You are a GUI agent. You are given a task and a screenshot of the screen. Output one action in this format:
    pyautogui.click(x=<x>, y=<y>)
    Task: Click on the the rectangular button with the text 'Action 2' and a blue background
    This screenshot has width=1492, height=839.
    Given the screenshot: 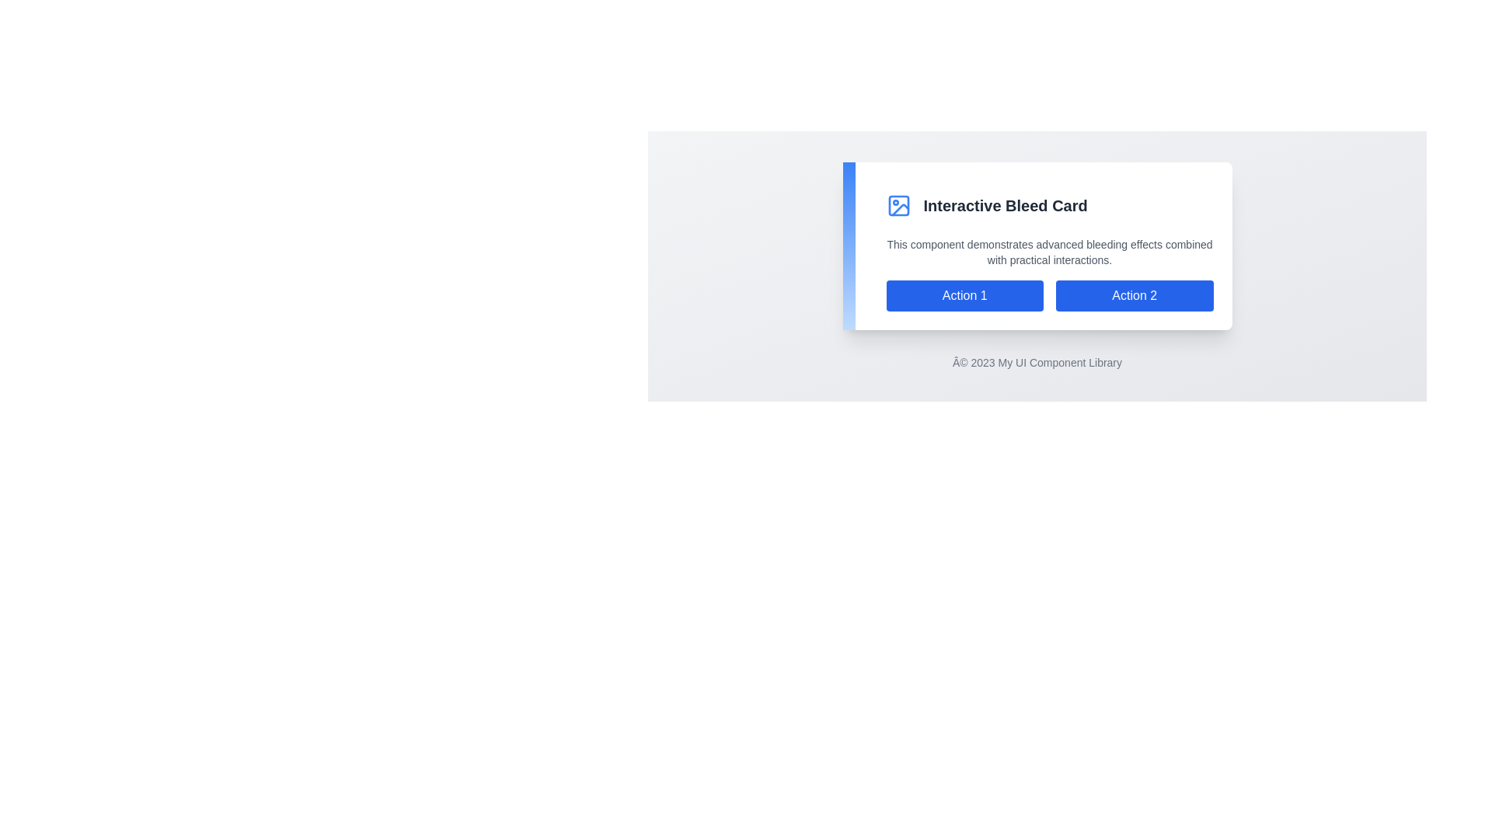 What is the action you would take?
    pyautogui.click(x=1135, y=296)
    